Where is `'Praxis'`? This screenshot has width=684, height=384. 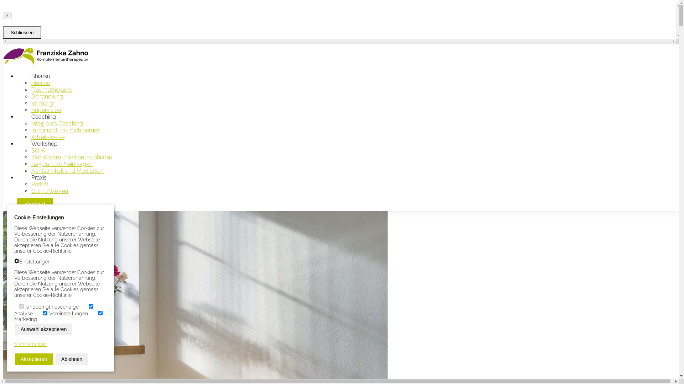
'Praxis' is located at coordinates (38, 177).